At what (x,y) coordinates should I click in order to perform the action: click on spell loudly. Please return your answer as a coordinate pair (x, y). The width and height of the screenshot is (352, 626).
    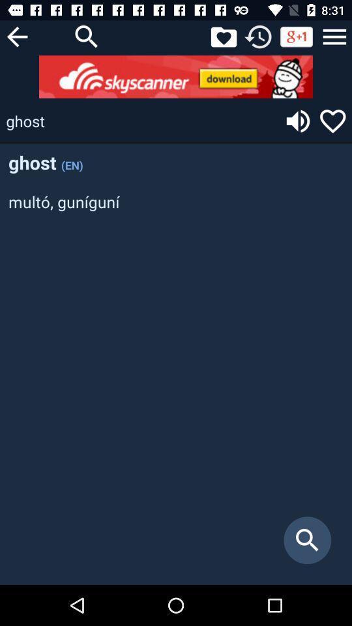
    Looking at the image, I should click on (298, 121).